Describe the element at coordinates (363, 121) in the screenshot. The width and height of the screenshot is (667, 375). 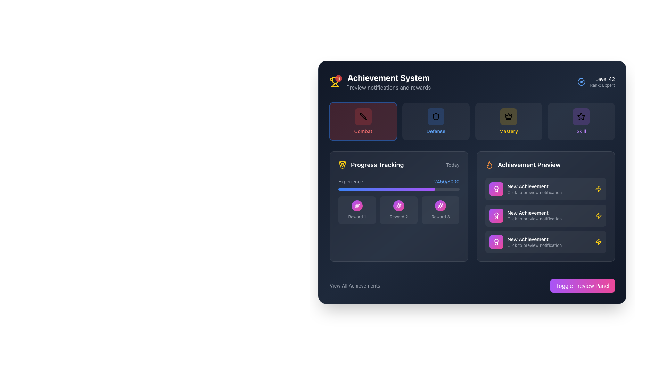
I see `the leftmost button labeled 'Combat', which has a red background and a black sword icon` at that location.